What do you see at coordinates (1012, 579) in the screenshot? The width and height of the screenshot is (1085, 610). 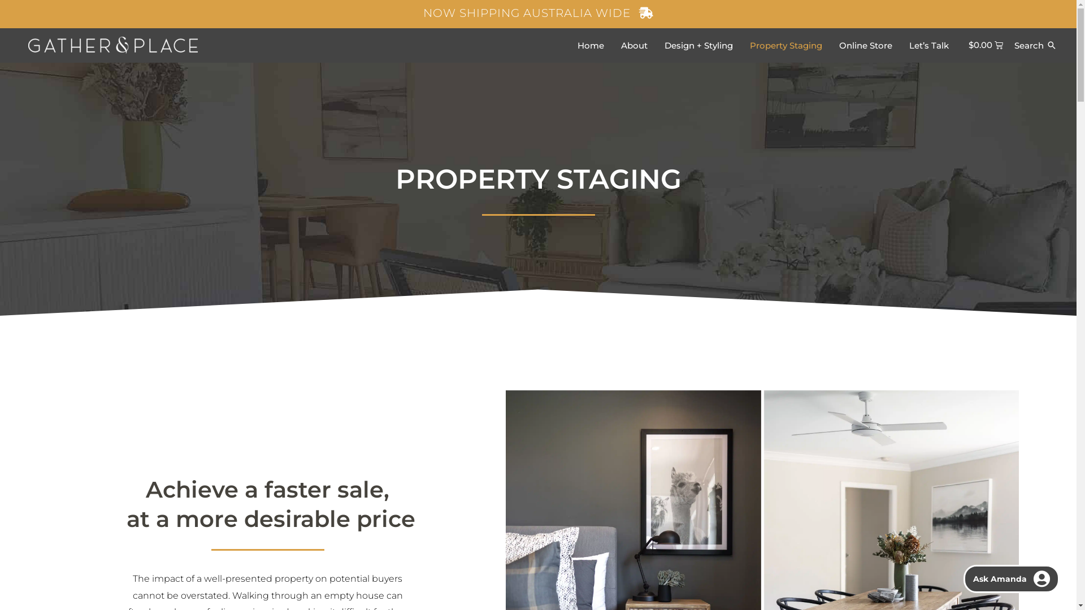 I see `'Ask Amanda'` at bounding box center [1012, 579].